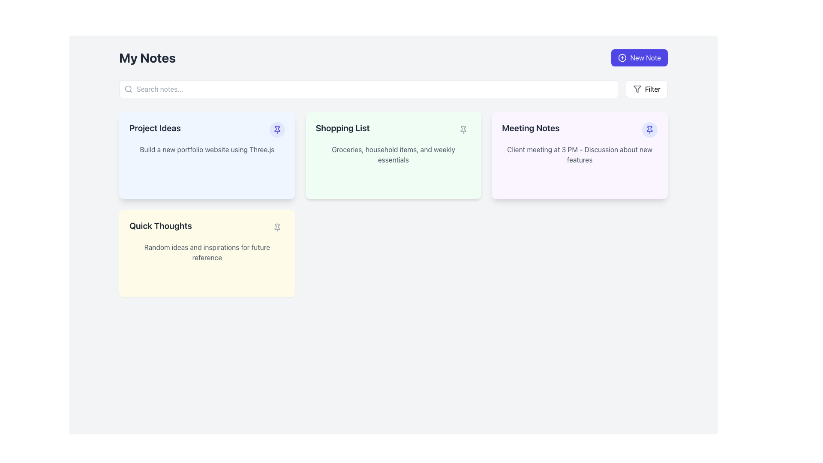  I want to click on the descriptive subtitle element located in the 'Quick Thoughts' section, which provides context for the section, so click(207, 252).